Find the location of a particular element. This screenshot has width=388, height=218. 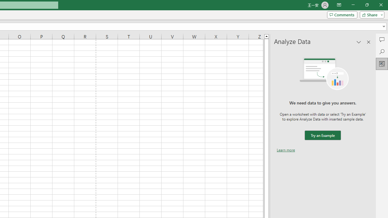

'We need data to give you answers. Try an Example' is located at coordinates (322, 135).